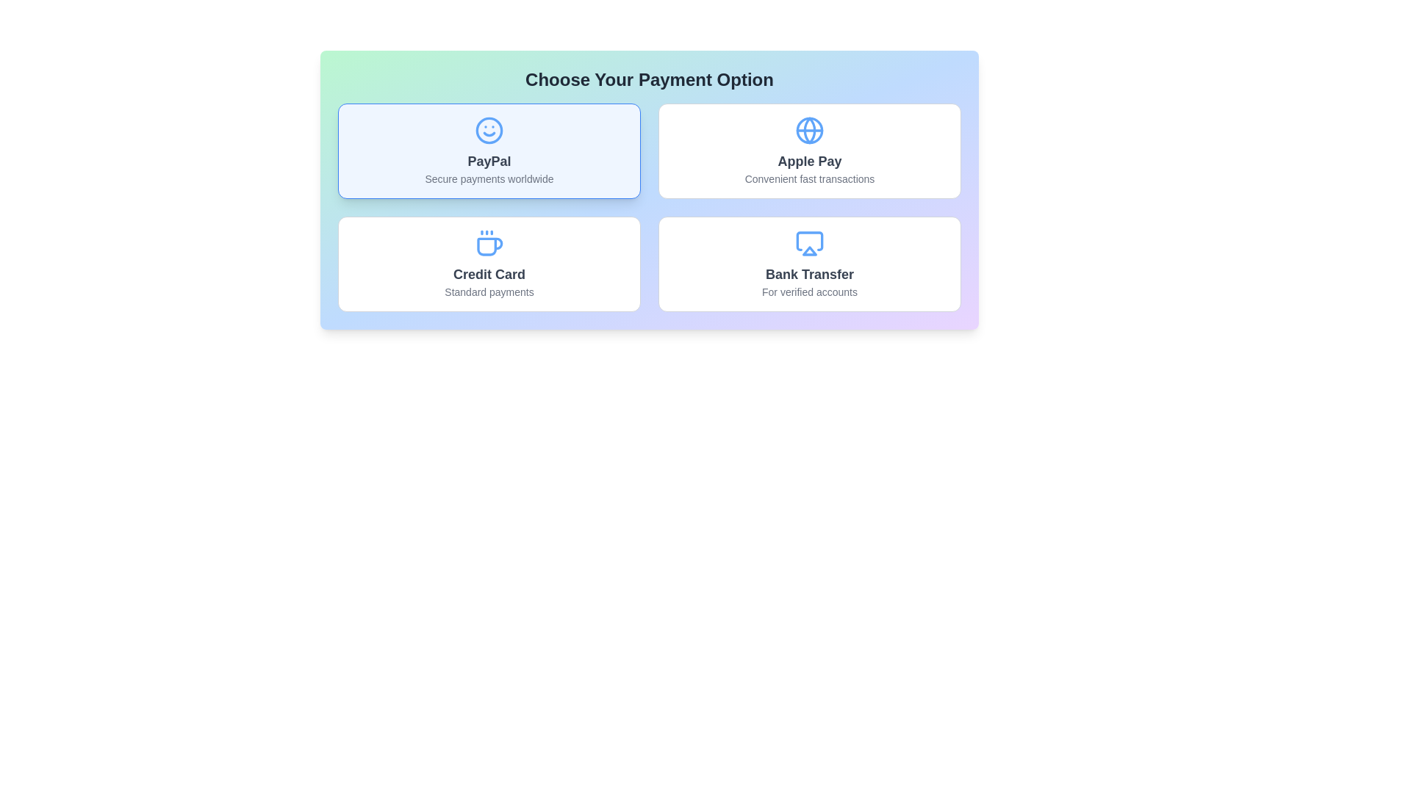 This screenshot has width=1411, height=793. Describe the element at coordinates (809, 129) in the screenshot. I see `the decorative SVG circle that is part of the globe icon for the Apple Pay payment option, located in the top-right quadrant of the payment options layout` at that location.